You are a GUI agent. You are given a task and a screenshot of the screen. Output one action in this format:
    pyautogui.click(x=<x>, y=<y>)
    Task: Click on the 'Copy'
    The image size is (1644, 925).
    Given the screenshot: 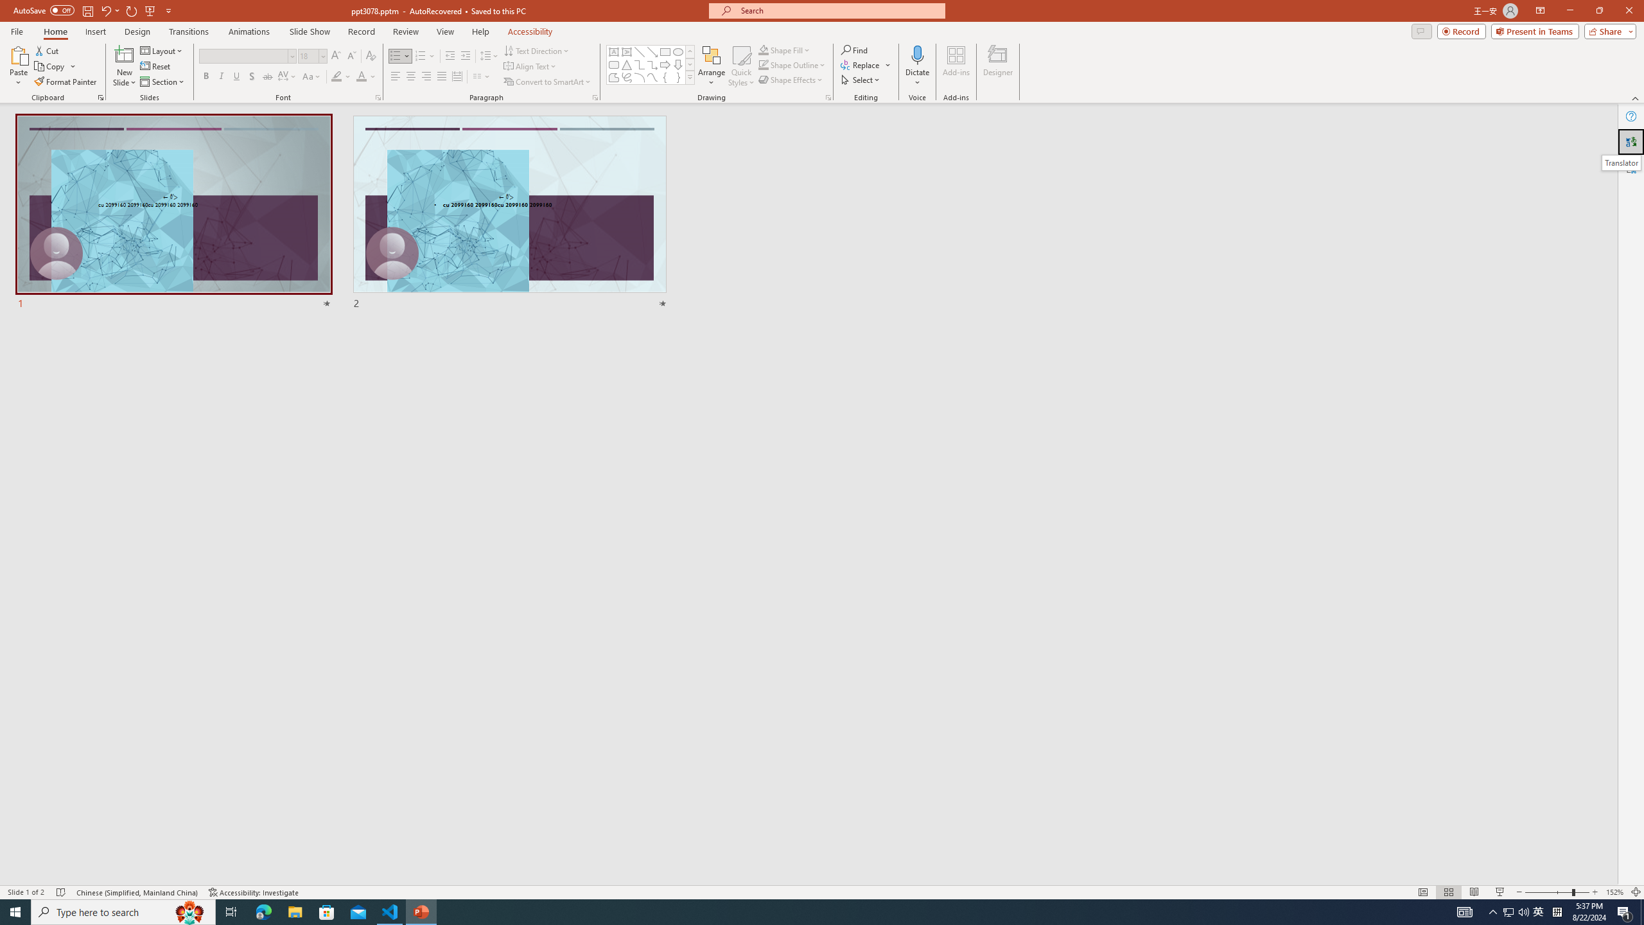 What is the action you would take?
    pyautogui.click(x=55, y=66)
    